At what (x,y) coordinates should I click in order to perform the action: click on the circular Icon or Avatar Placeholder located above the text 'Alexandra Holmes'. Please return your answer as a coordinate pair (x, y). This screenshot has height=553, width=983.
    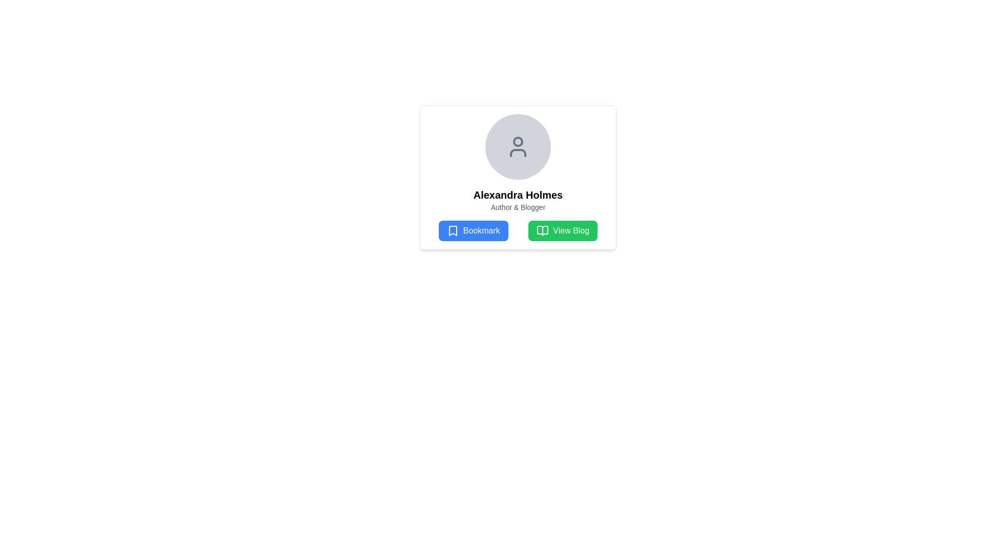
    Looking at the image, I should click on (518, 146).